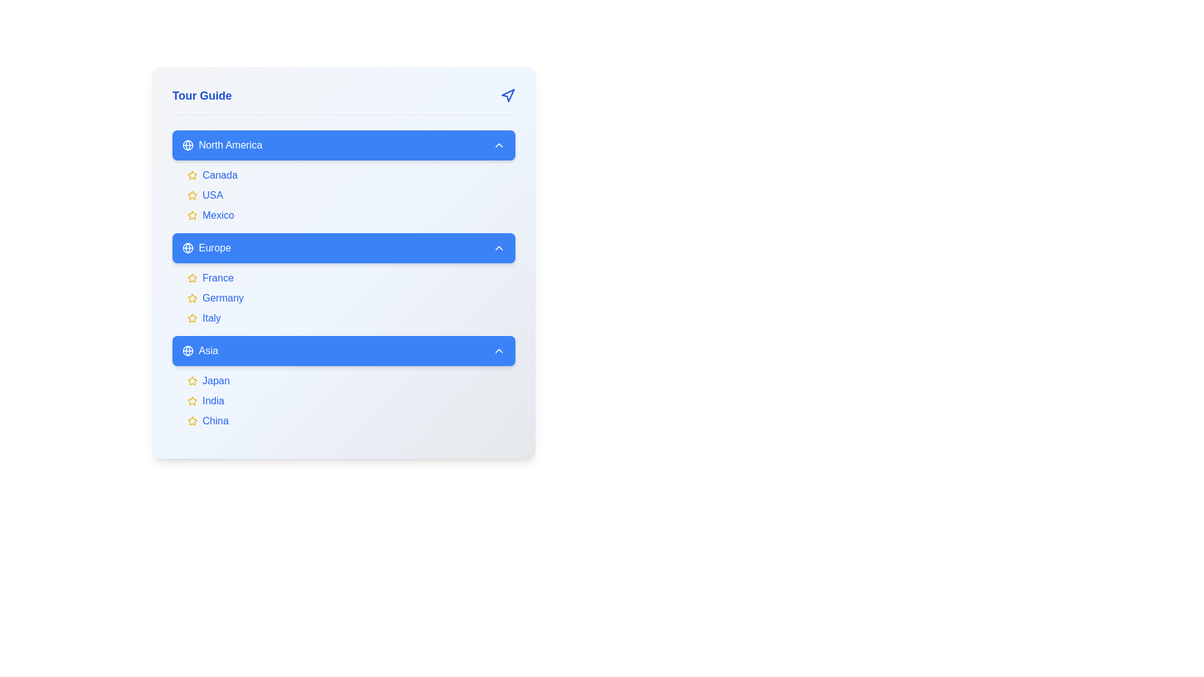  What do you see at coordinates (508, 95) in the screenshot?
I see `the navigation arrow icon styled with a blue outline located at the top-right corner of the 'Tour Guide' panel, to the right of the 'Tour Guide' text` at bounding box center [508, 95].